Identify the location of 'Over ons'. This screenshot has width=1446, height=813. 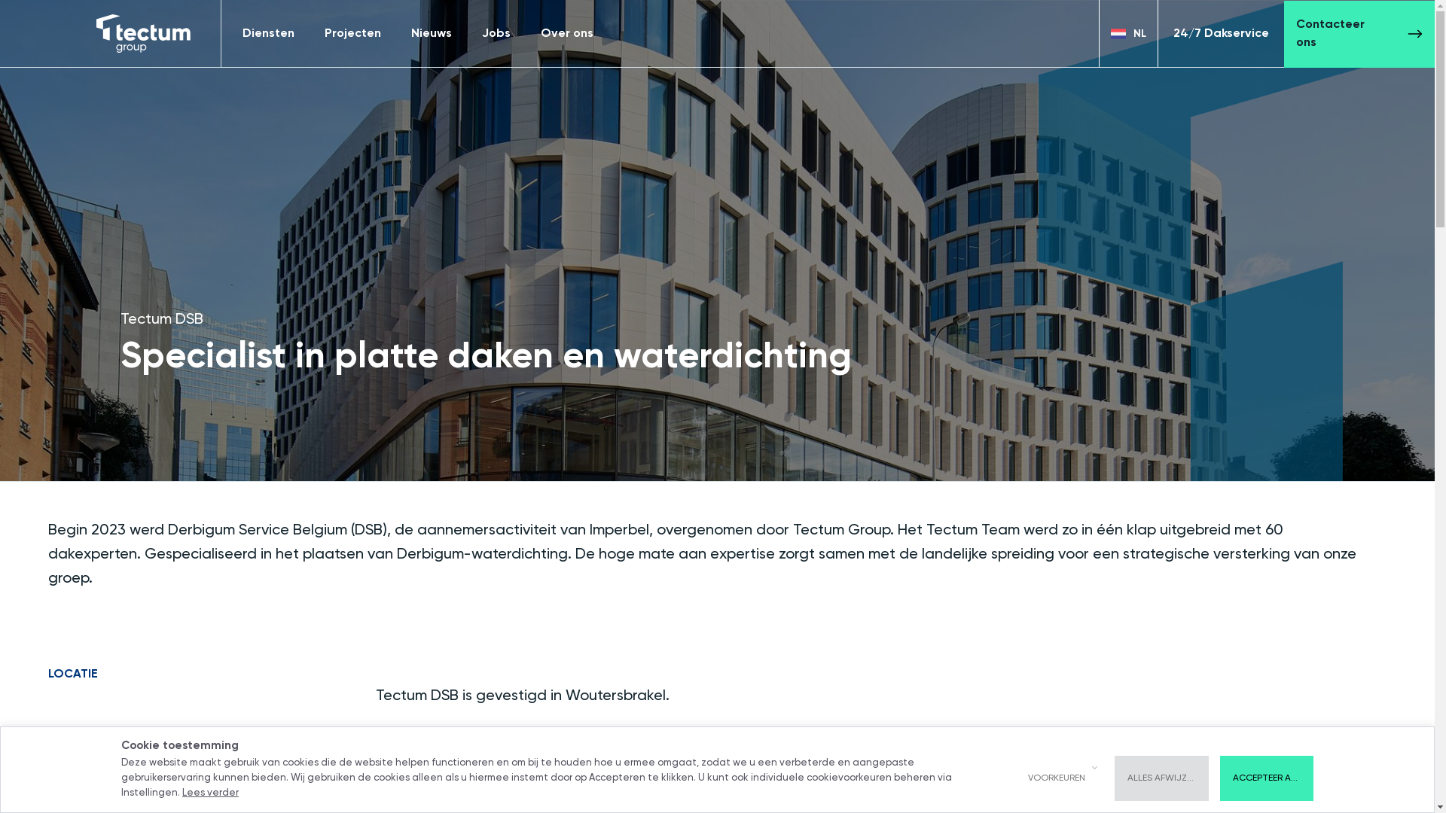
(566, 34).